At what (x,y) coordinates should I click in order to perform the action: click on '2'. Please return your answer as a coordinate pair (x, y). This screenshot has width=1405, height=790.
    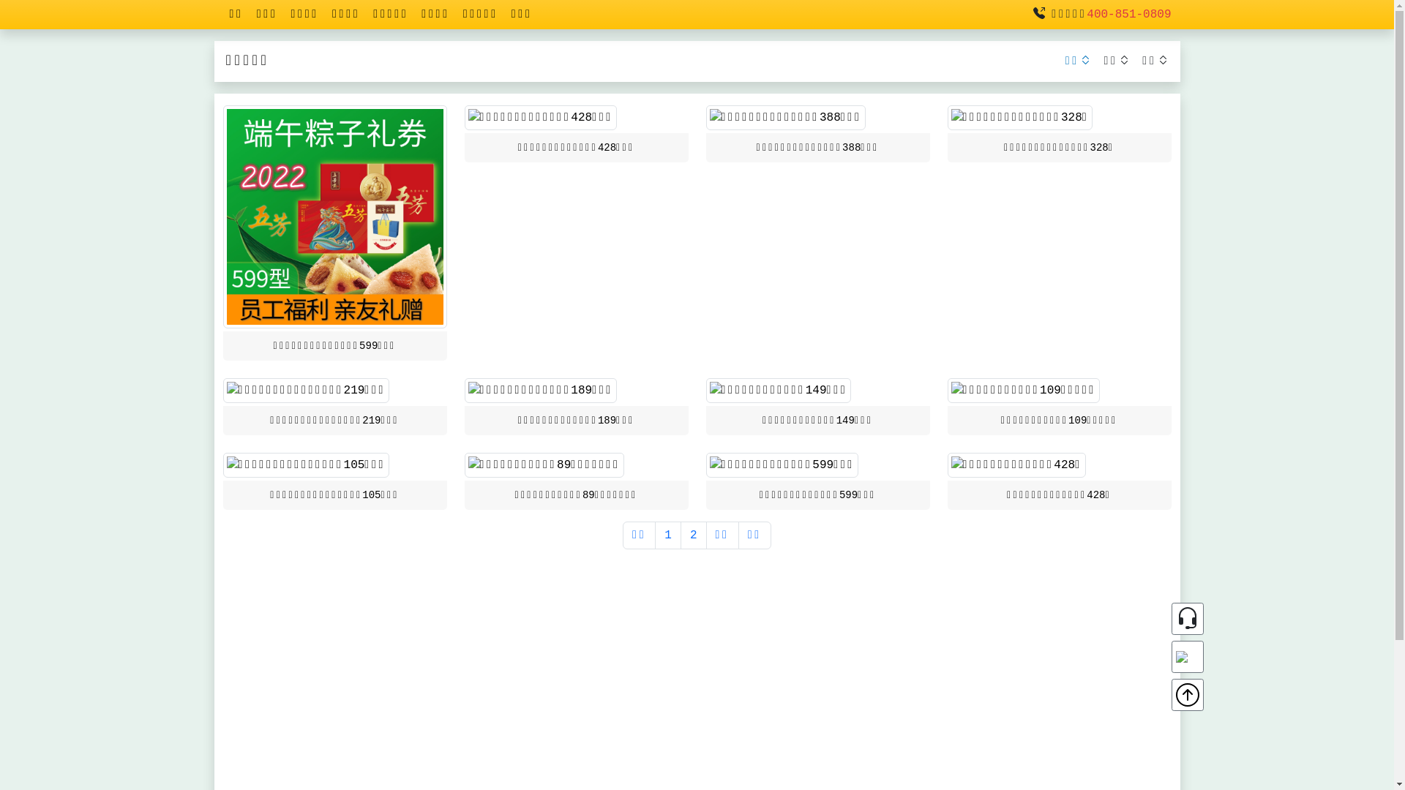
    Looking at the image, I should click on (693, 535).